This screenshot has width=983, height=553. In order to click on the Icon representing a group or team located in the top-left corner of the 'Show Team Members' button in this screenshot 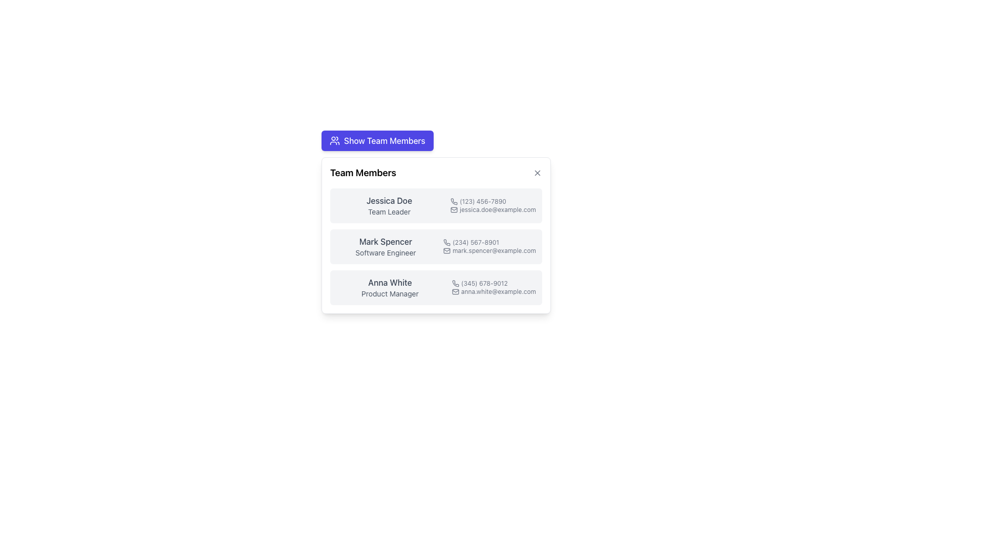, I will do `click(334, 140)`.